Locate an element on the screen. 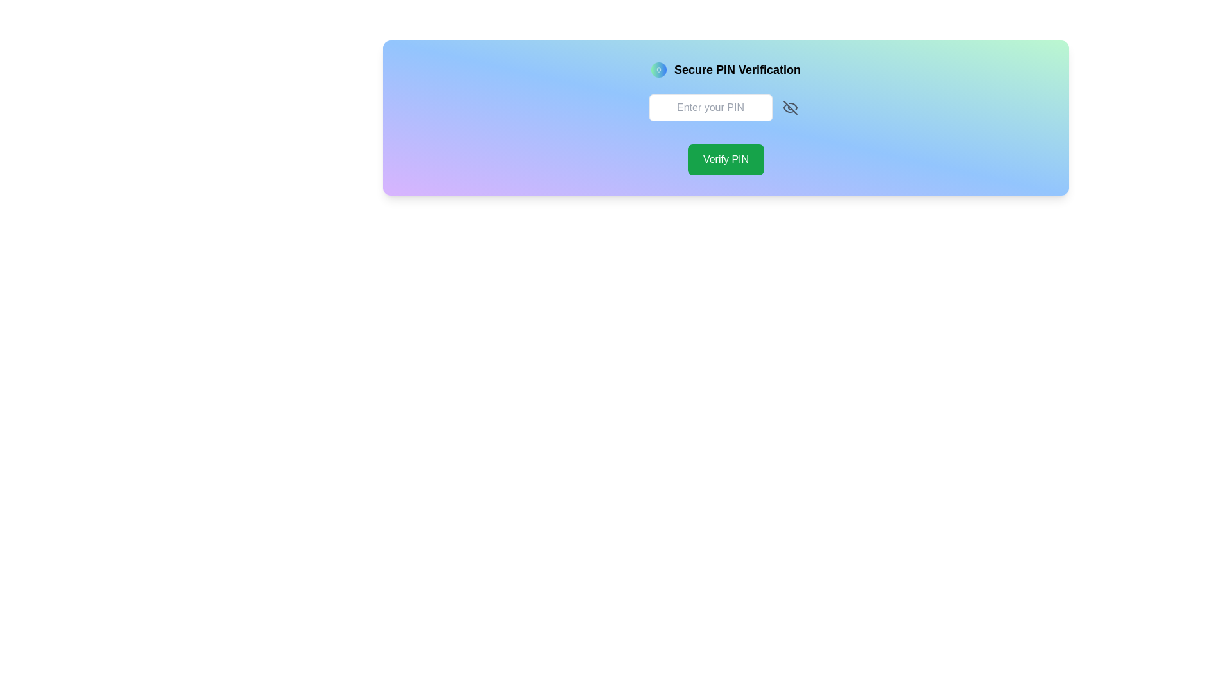 The image size is (1232, 693). the visibility toggle button located to the right of the PIN input field in the 'Secure PIN Verification' section is located at coordinates (789, 107).